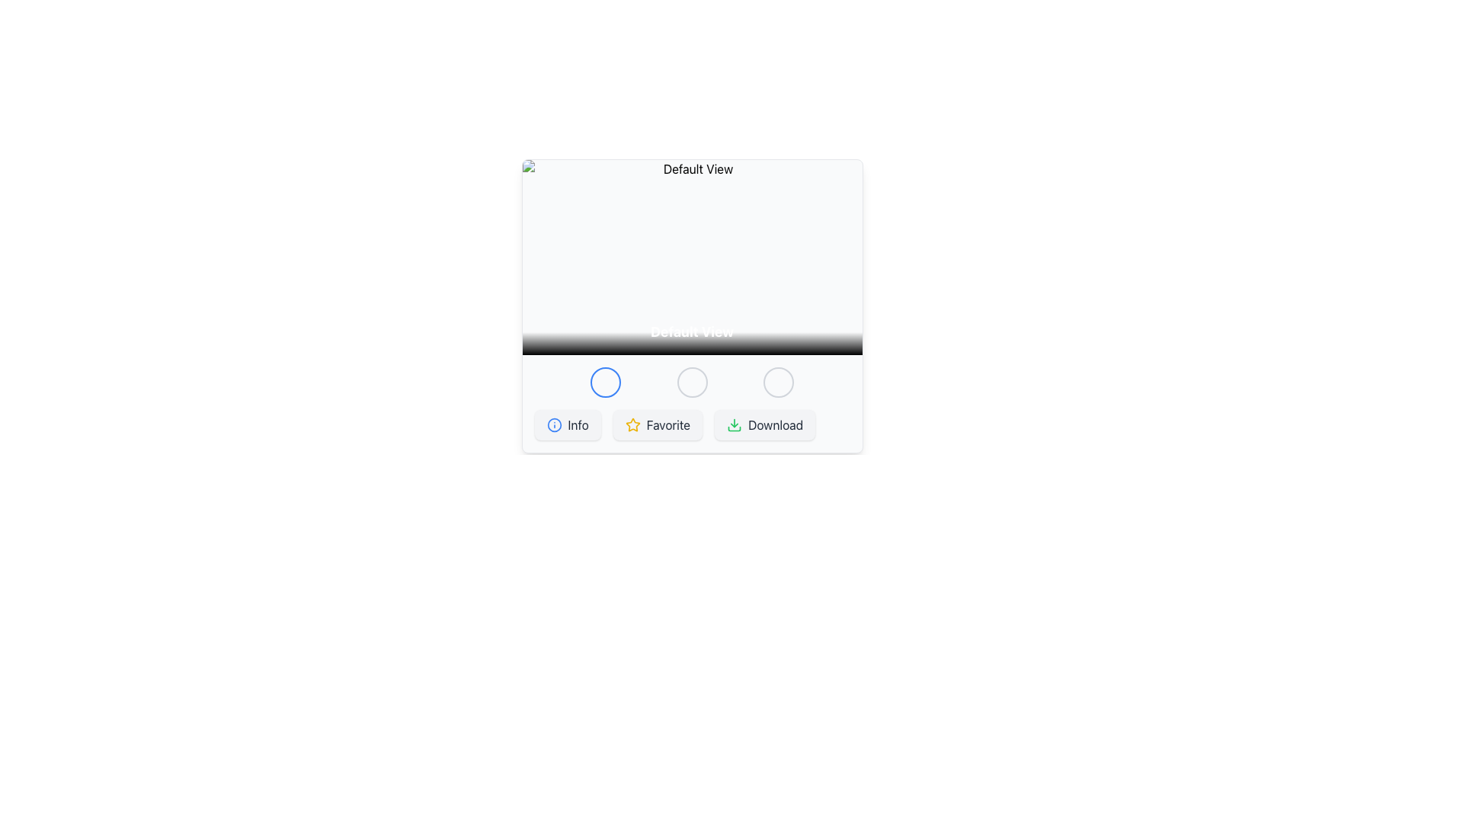 The width and height of the screenshot is (1463, 823). Describe the element at coordinates (553, 425) in the screenshot. I see `the leftmost button containing the circular indicator to interact with it` at that location.